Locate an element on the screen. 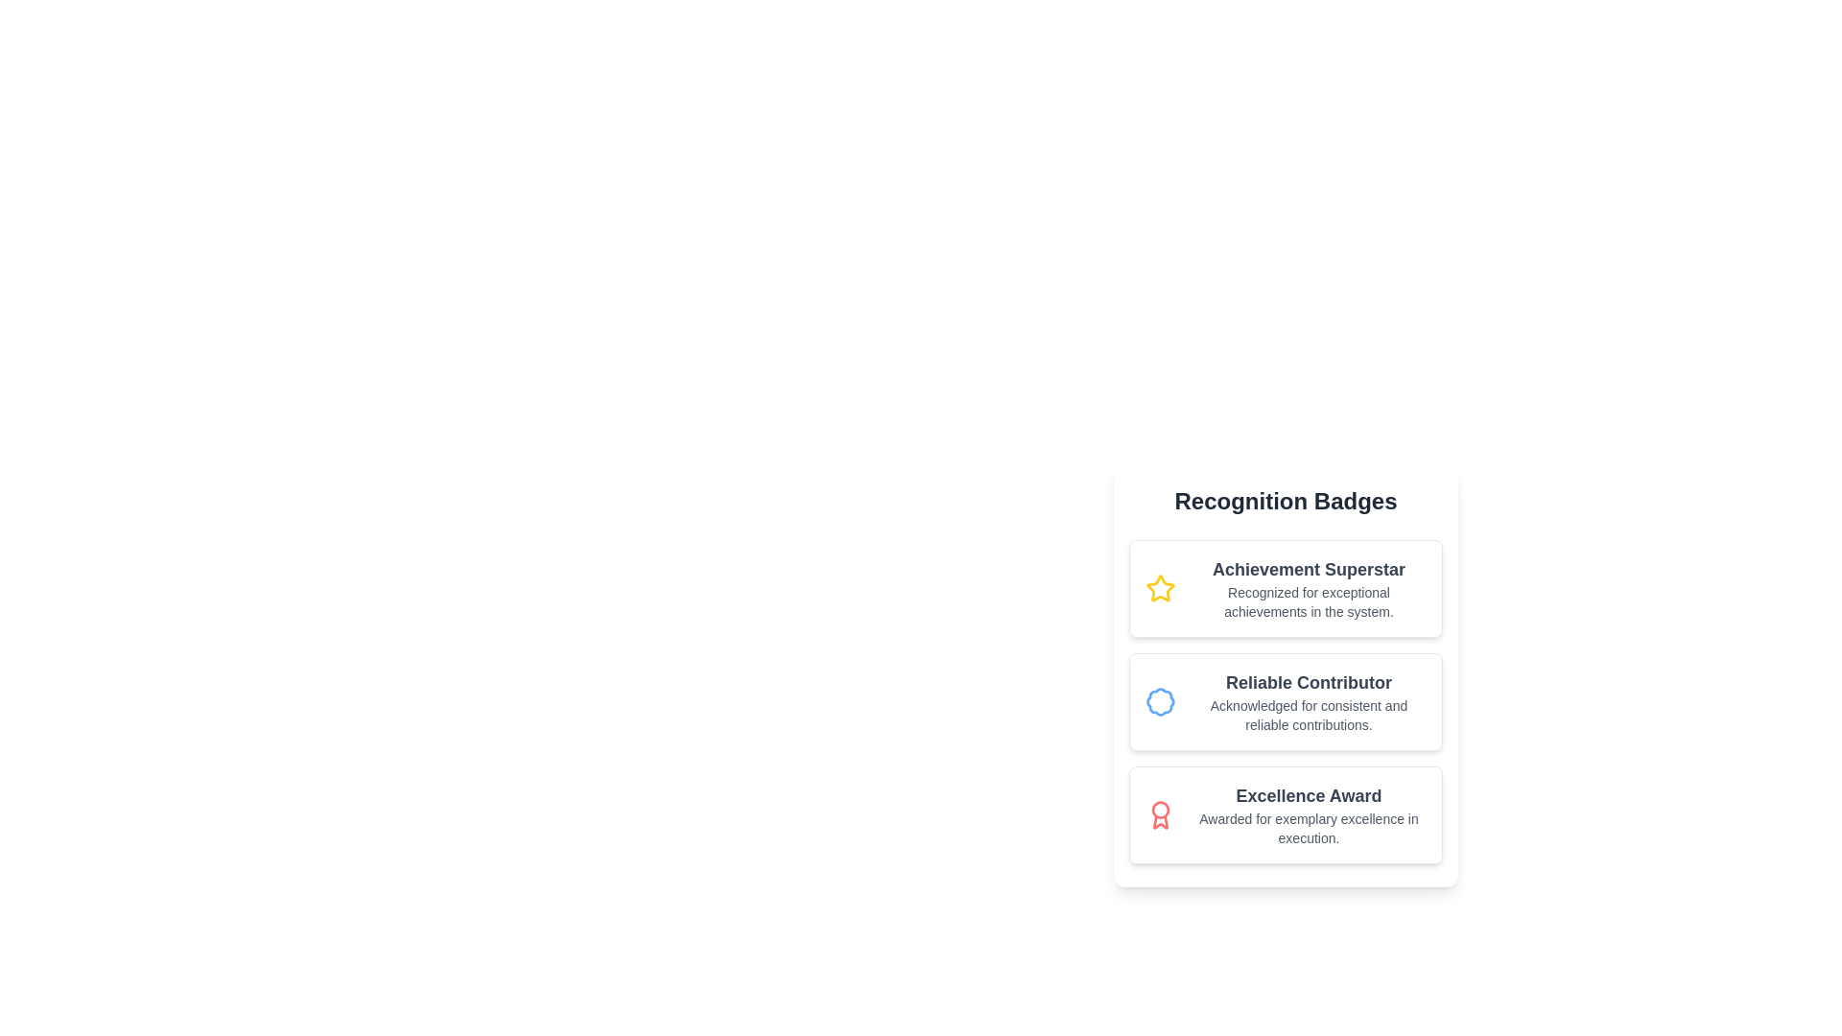 This screenshot has width=1842, height=1036. bold, large gray text labeled 'Achievement Superstar' located at the top of the first recognition badge is located at coordinates (1308, 569).